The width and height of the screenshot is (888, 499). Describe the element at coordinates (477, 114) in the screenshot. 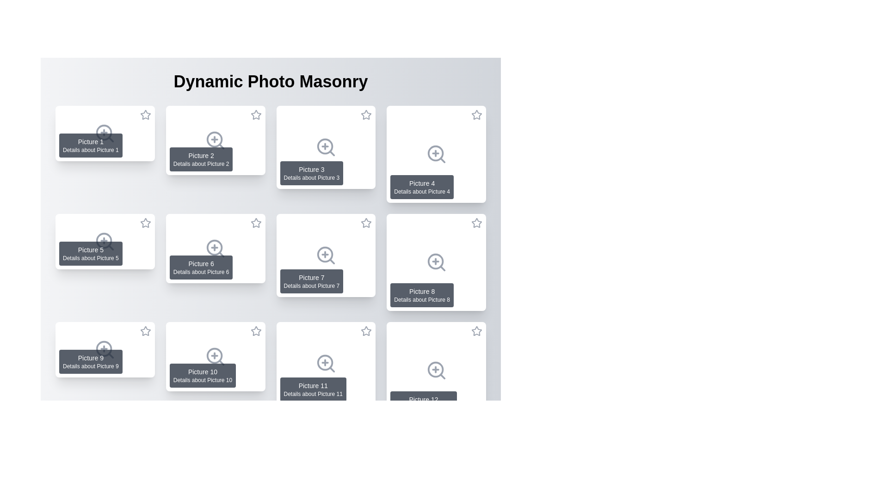

I see `the star icon located in the top-right corner of the card labeled 'Picture 4' within the 'Dynamic Photo Masonry' grid` at that location.